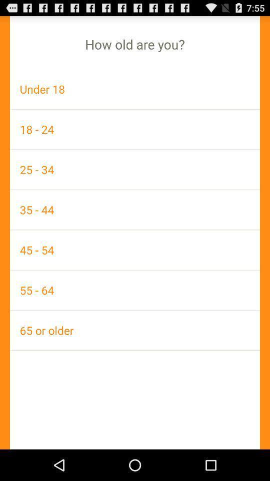 The height and width of the screenshot is (481, 270). Describe the element at coordinates (135, 250) in the screenshot. I see `the icon above 55 - 64 item` at that location.